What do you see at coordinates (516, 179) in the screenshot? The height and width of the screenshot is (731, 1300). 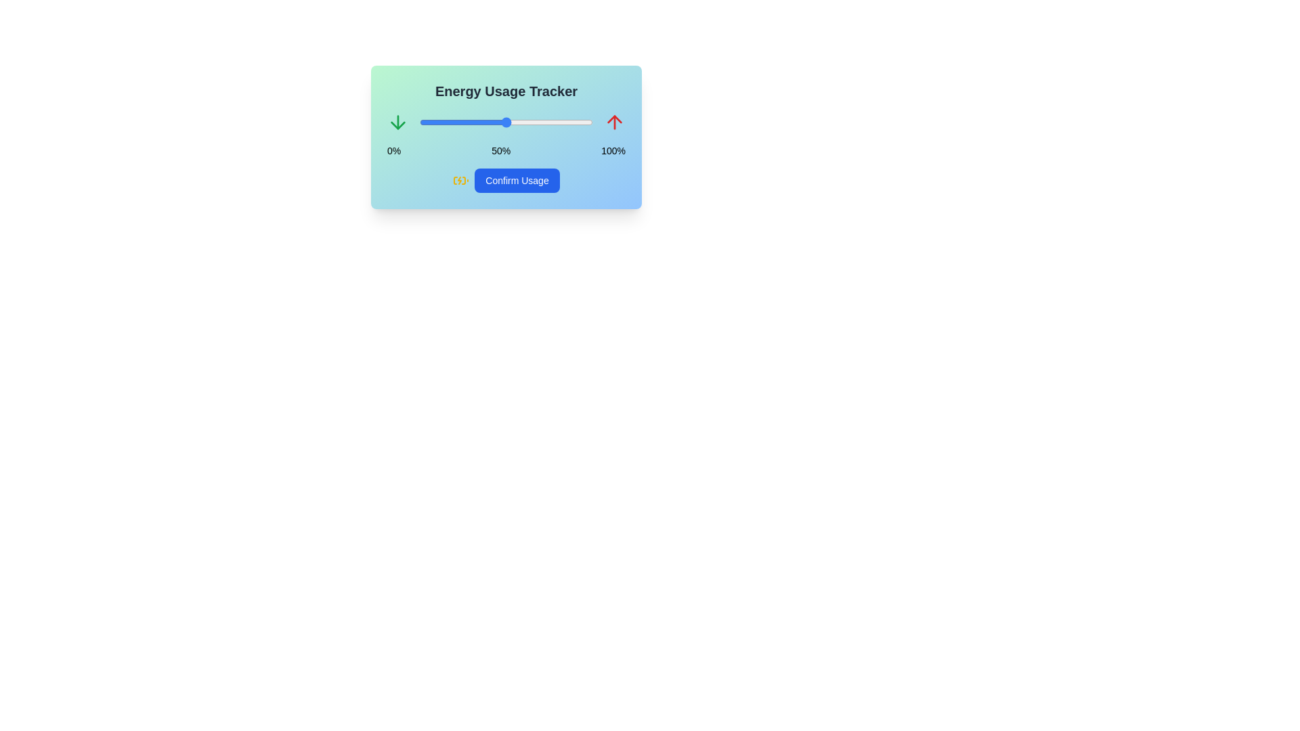 I see `the 'Confirm Usage' button to confirm the selected energy usage` at bounding box center [516, 179].